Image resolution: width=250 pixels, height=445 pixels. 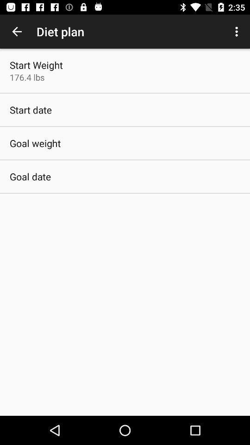 What do you see at coordinates (237, 32) in the screenshot?
I see `icon next to the diet plan item` at bounding box center [237, 32].